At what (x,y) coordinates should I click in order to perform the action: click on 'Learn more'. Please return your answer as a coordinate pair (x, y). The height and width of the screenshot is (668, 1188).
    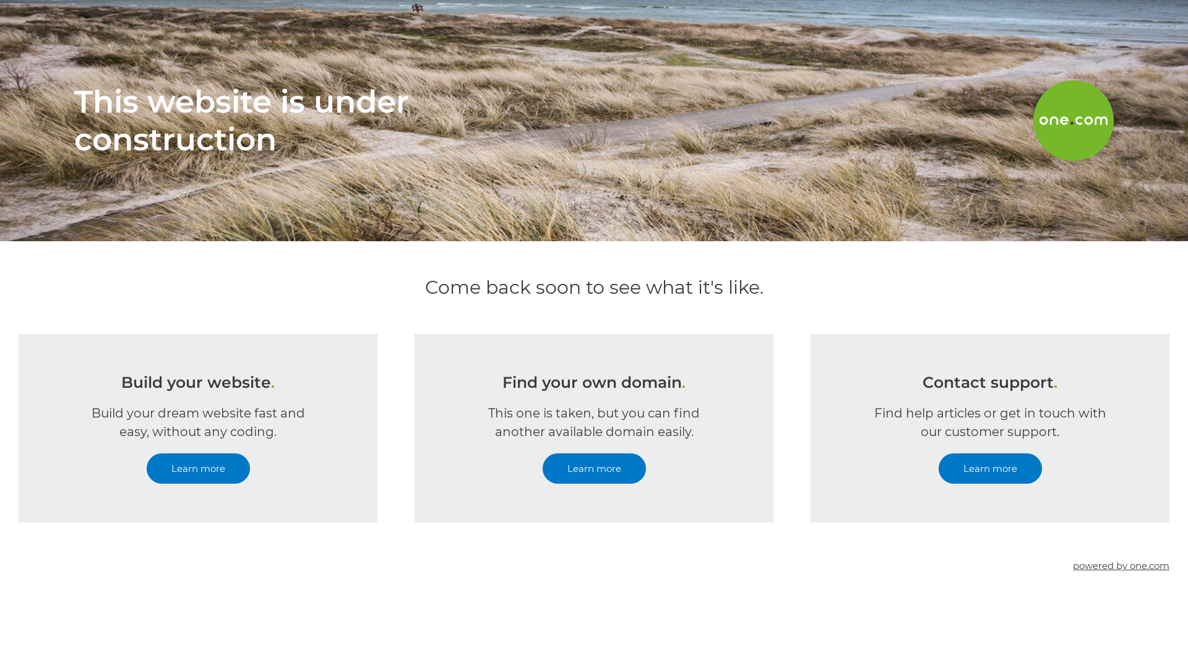
    Looking at the image, I should click on (541, 468).